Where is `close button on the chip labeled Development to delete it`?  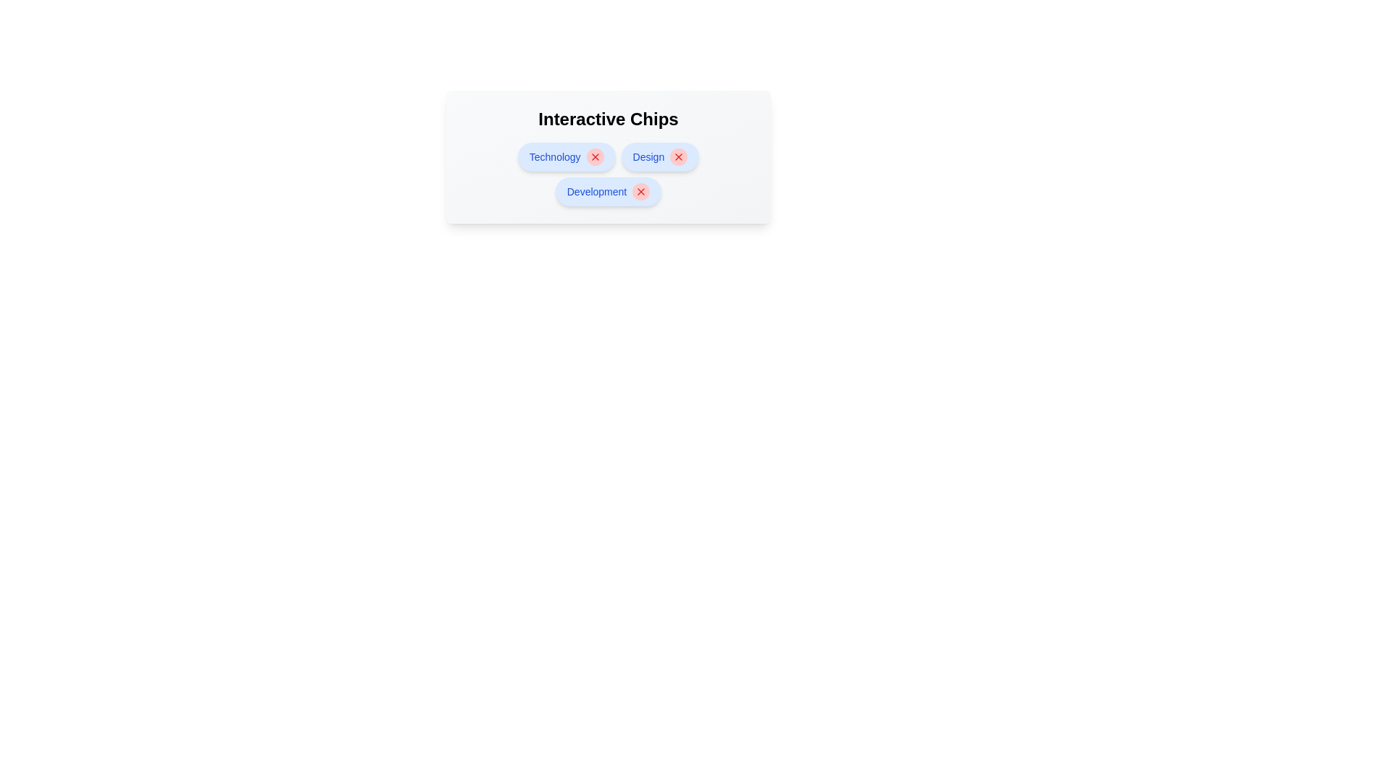
close button on the chip labeled Development to delete it is located at coordinates (640, 191).